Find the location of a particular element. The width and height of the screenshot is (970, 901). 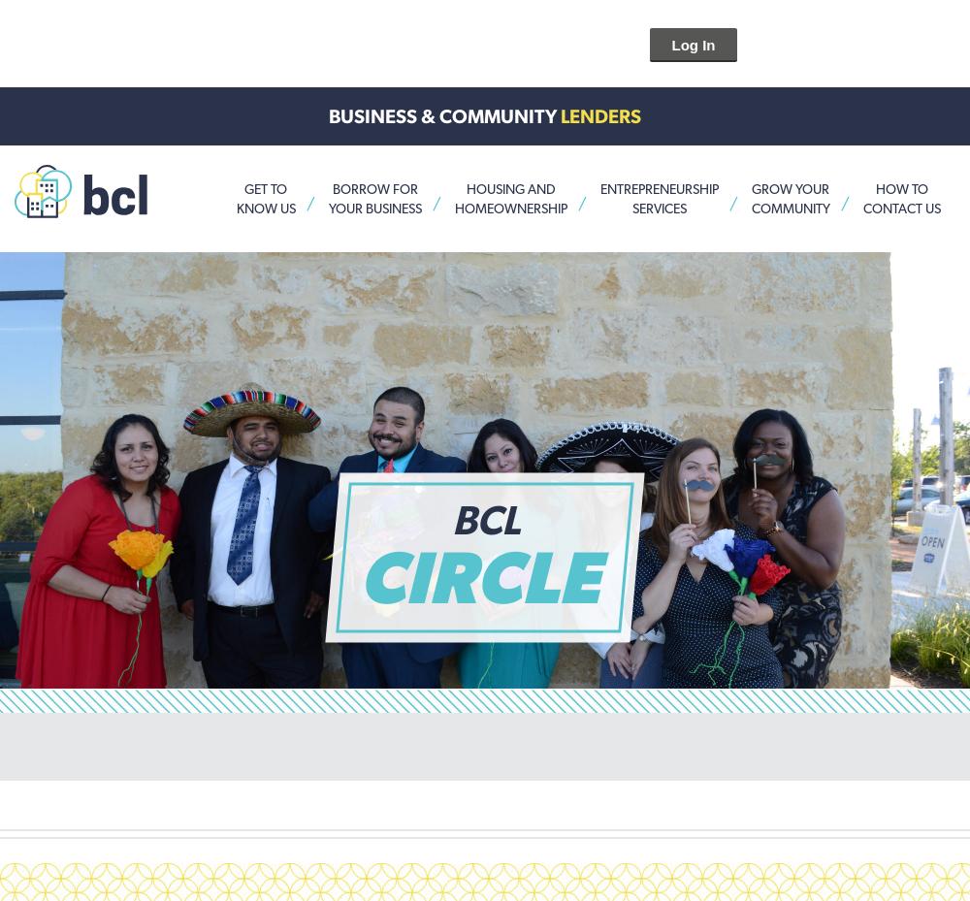

'Get To' is located at coordinates (266, 187).